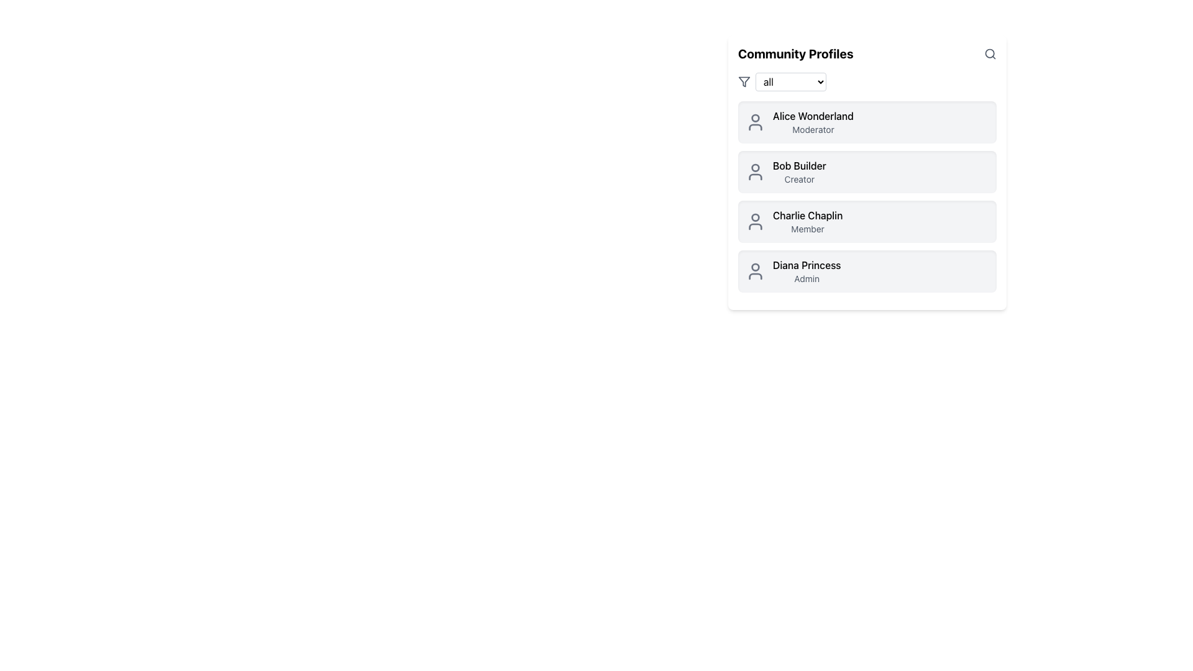 The width and height of the screenshot is (1193, 671). I want to click on the user avatar icon for 'Diana Princess' with the role 'Admin' located in the fourth entry of the 'Community Profiles' section, so click(754, 270).